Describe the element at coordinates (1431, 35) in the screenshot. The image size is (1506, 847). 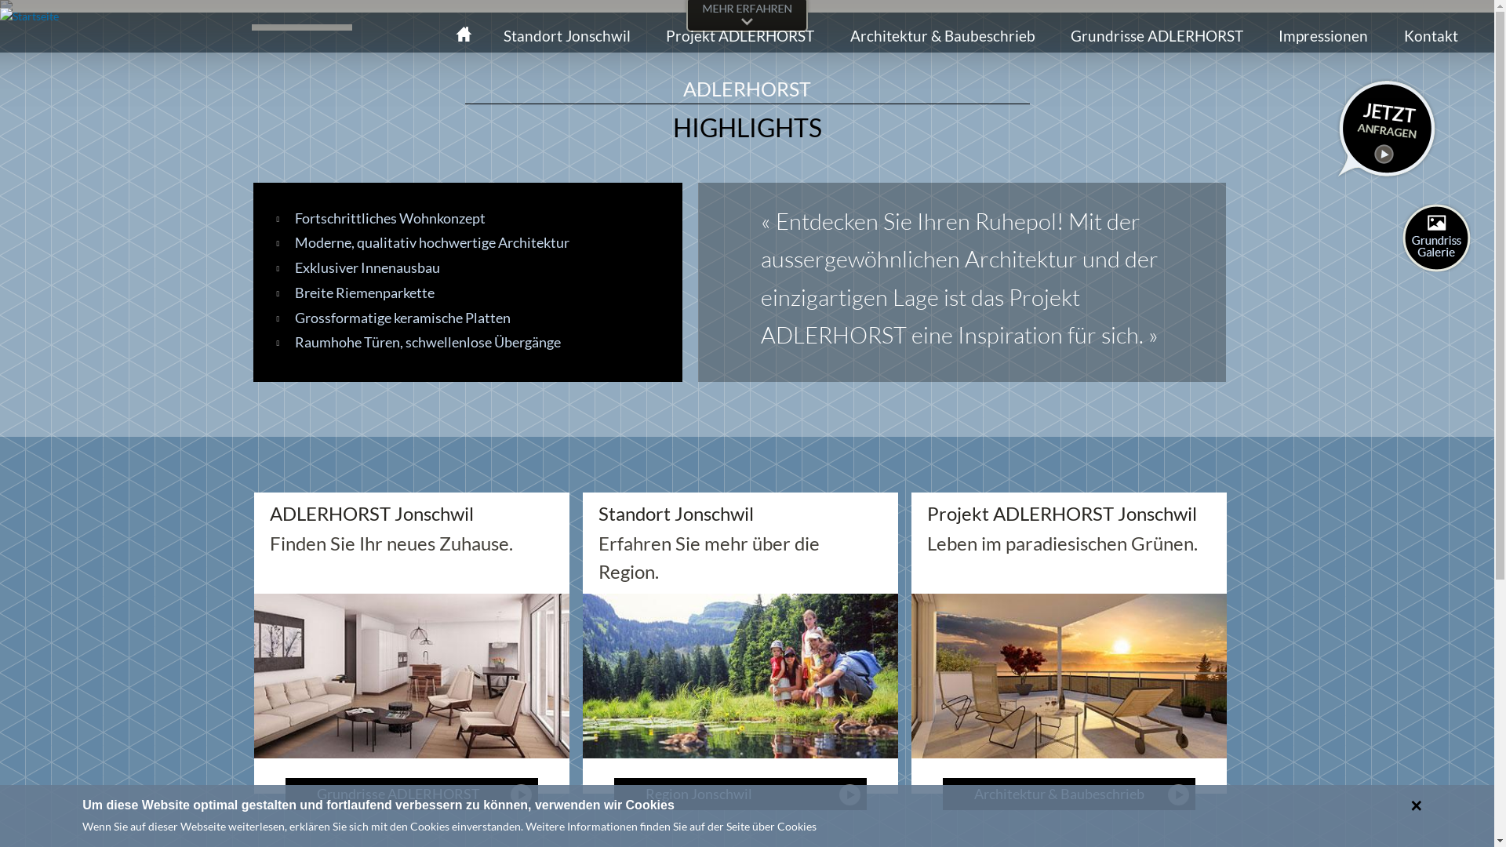
I see `'Kontakt'` at that location.